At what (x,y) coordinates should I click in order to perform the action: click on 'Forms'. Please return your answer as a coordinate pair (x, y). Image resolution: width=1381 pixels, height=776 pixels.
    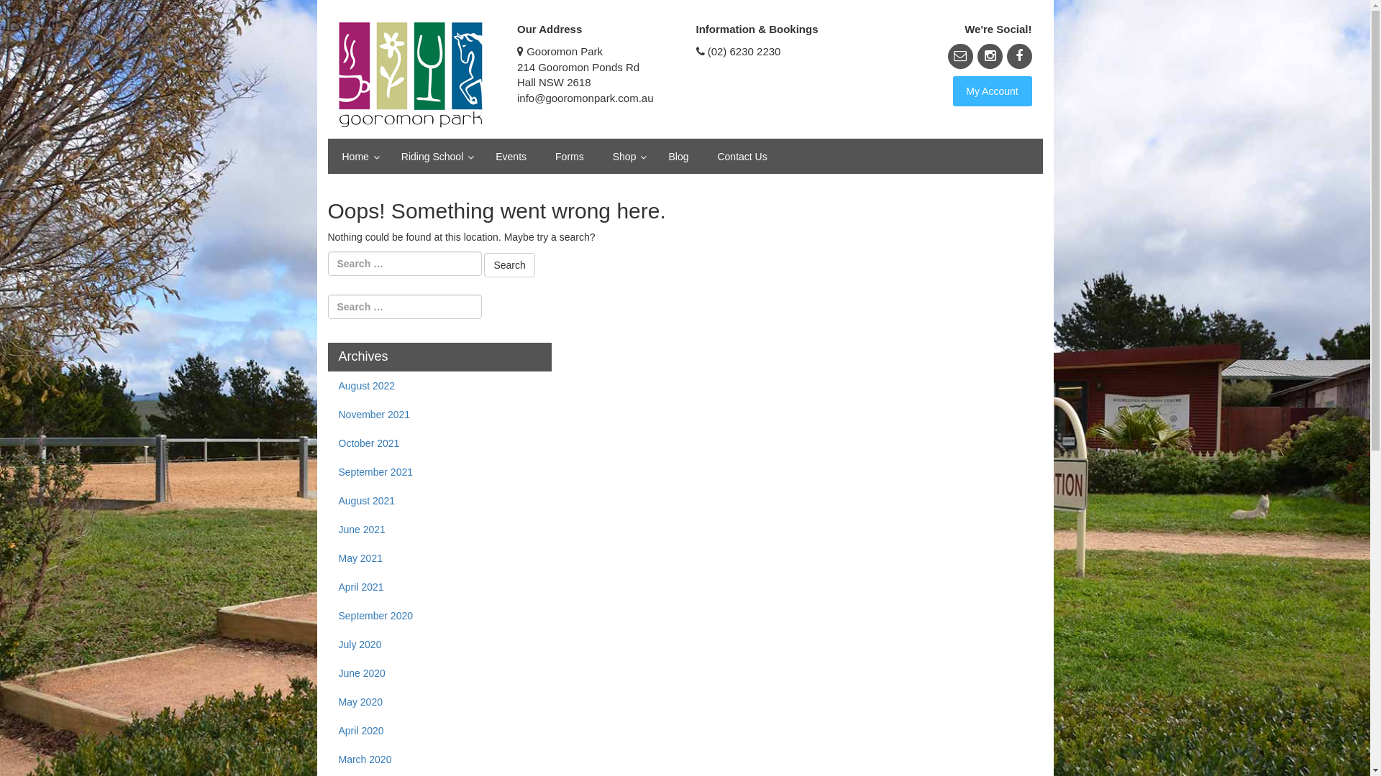
    Looking at the image, I should click on (569, 156).